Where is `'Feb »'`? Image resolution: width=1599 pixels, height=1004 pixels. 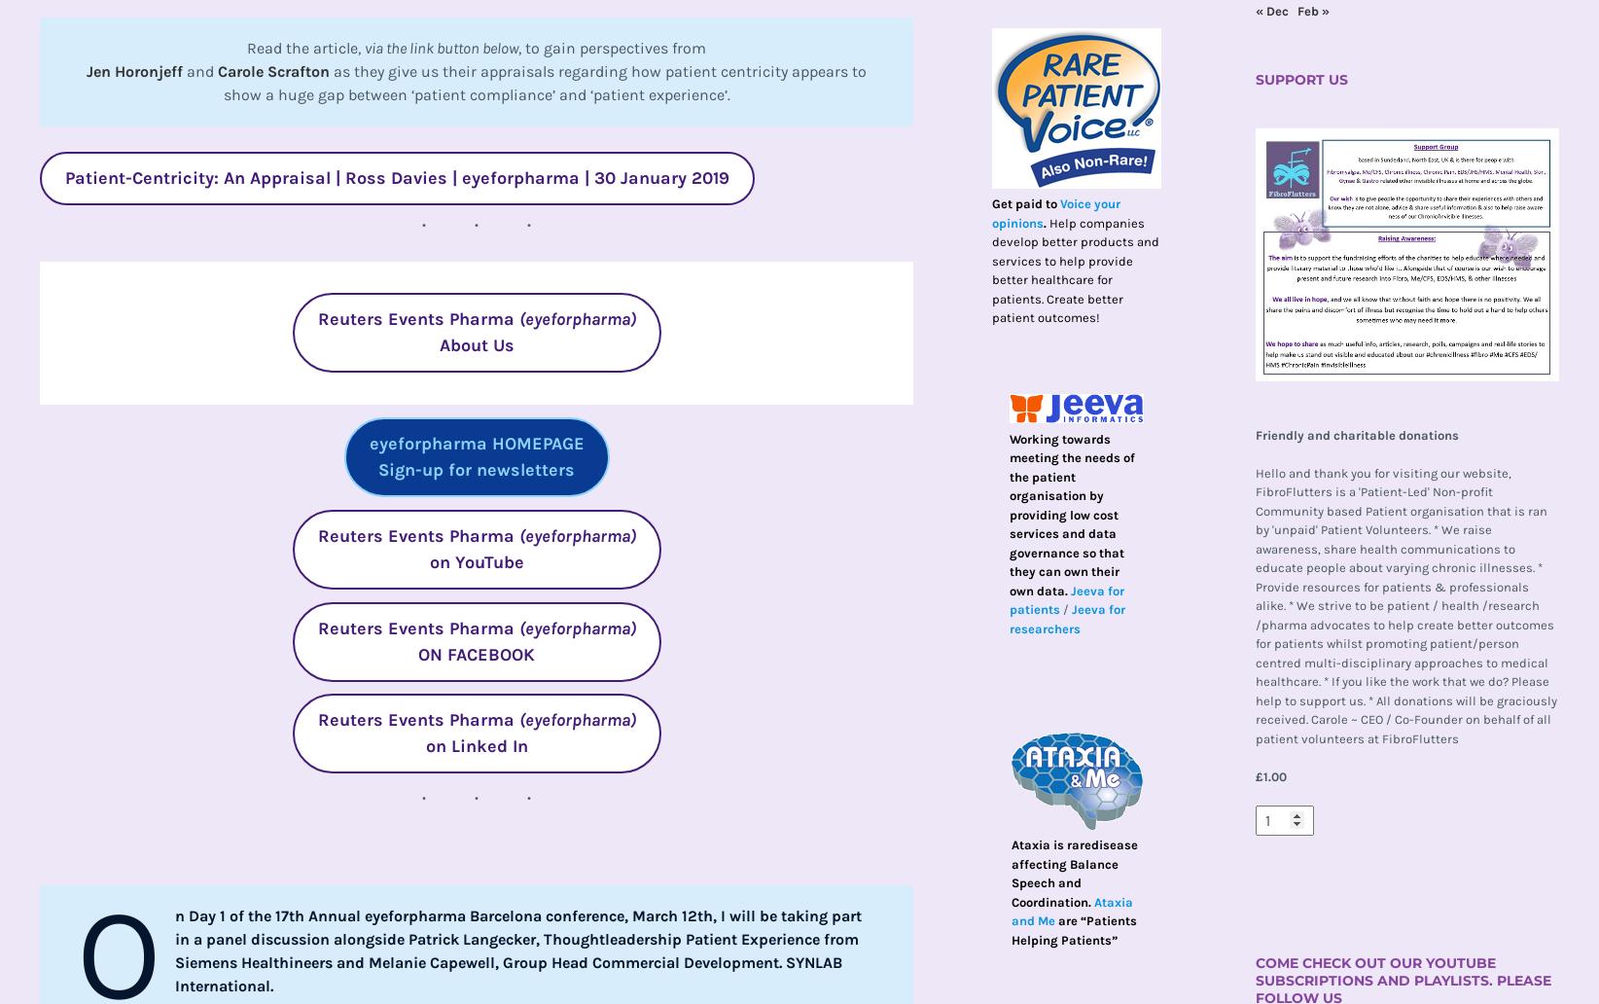 'Feb »' is located at coordinates (1311, 10).